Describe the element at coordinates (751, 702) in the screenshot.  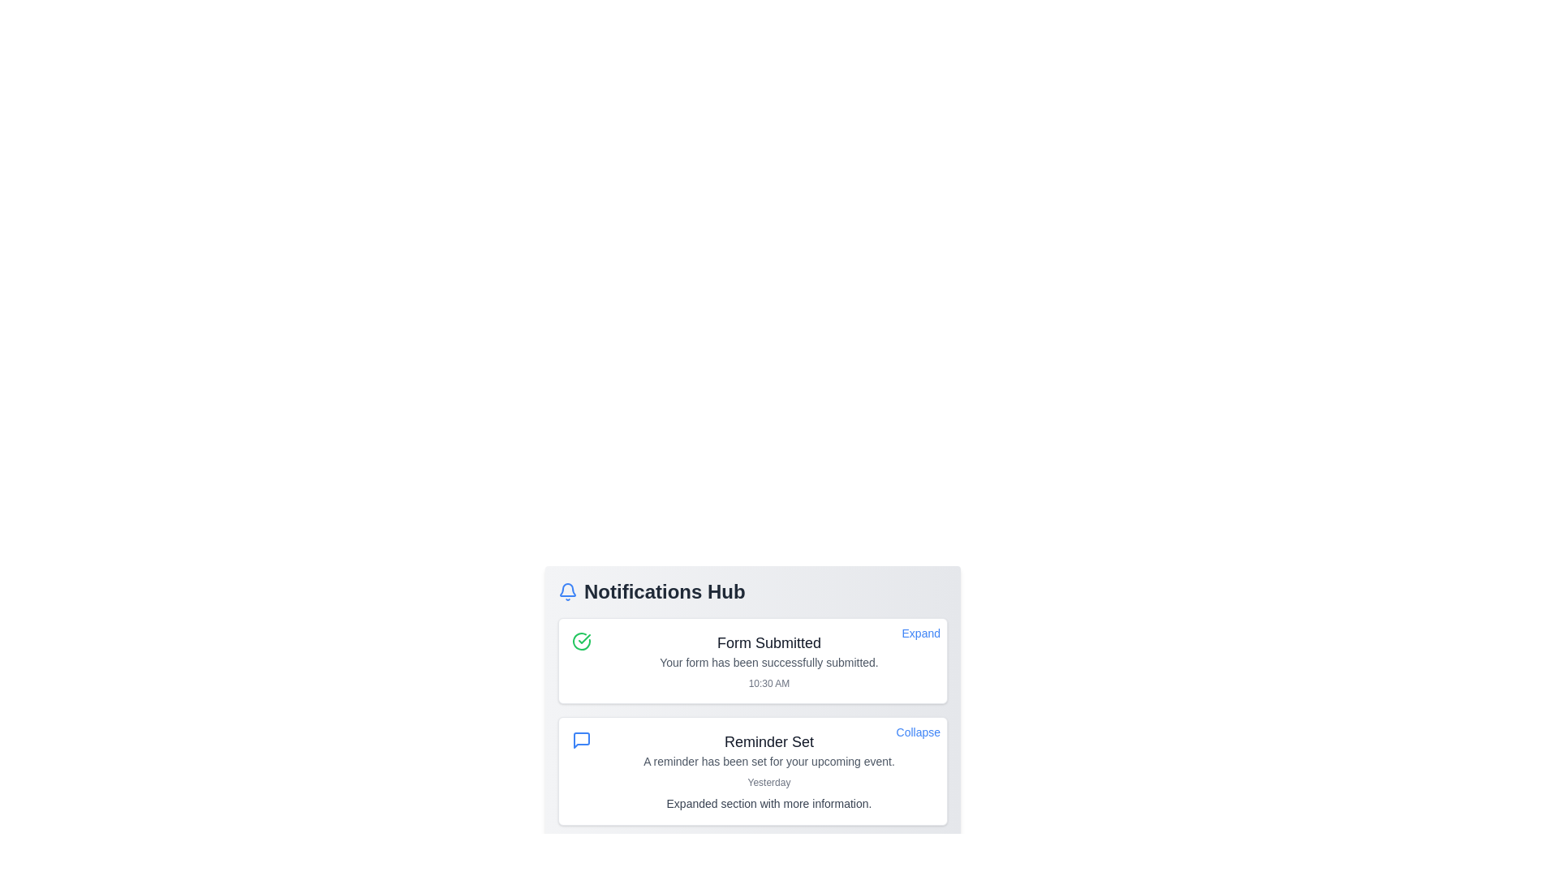
I see `the notification hub located at the center of the interface to expand or collapse individual notifications` at that location.